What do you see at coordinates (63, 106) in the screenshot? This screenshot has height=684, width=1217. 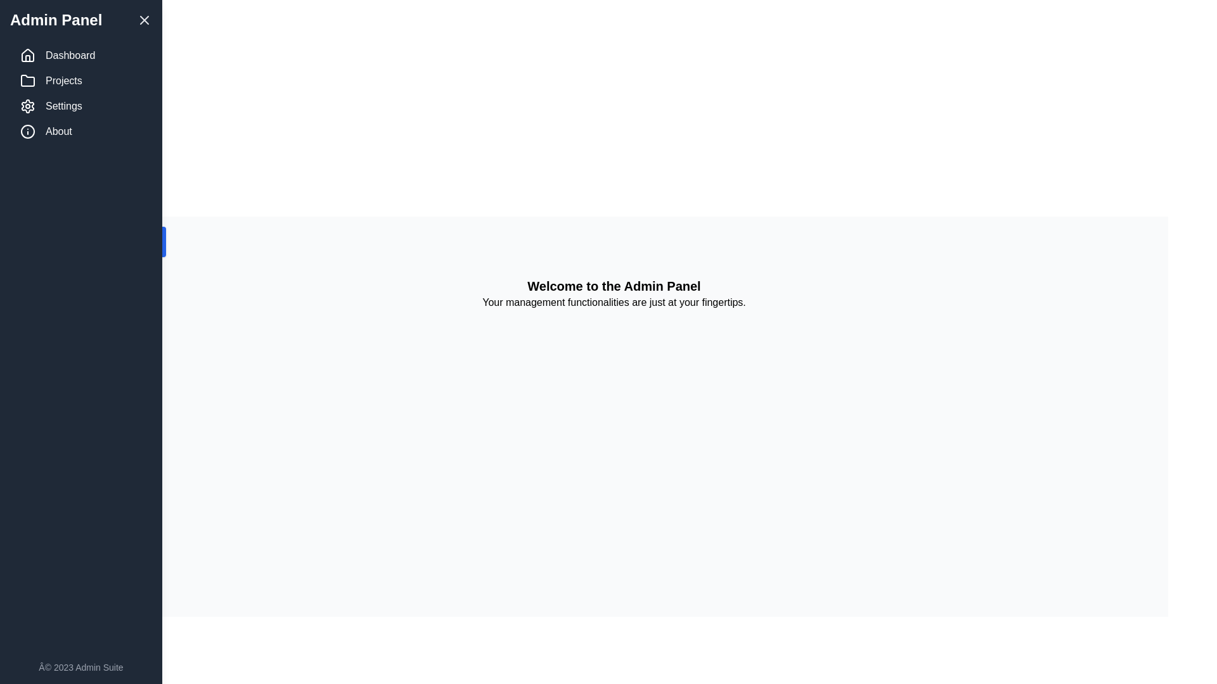 I see `the text content of the Static Text Label for 'Settings' located in the navigation sidebar, positioned as the third item below 'Projects'` at bounding box center [63, 106].